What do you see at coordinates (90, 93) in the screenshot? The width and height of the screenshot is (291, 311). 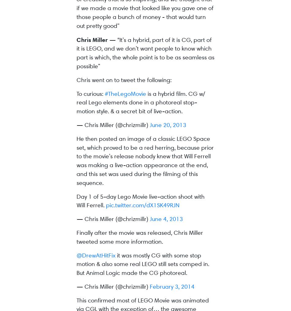 I see `'To curious:'` at bounding box center [90, 93].